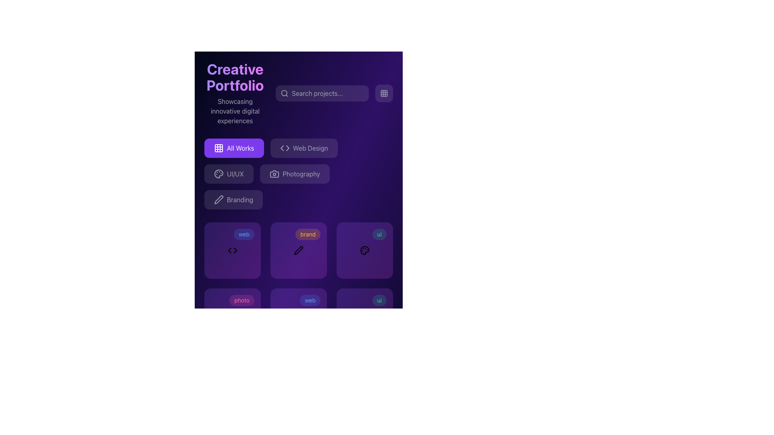 The width and height of the screenshot is (774, 435). I want to click on the 'UI/UX' button, which is the third button in a horizontal group of buttons within the 'Creative Portfolio' section, so click(228, 174).